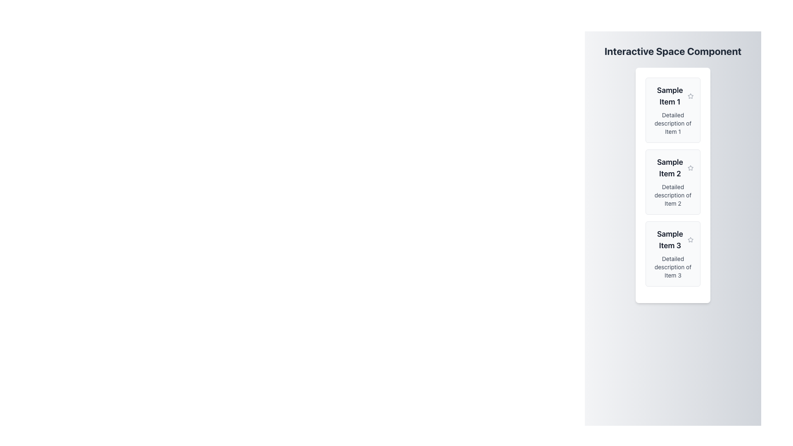 The height and width of the screenshot is (446, 793). What do you see at coordinates (690, 95) in the screenshot?
I see `the star icon located to the right of the text 'Sample Item 1'` at bounding box center [690, 95].